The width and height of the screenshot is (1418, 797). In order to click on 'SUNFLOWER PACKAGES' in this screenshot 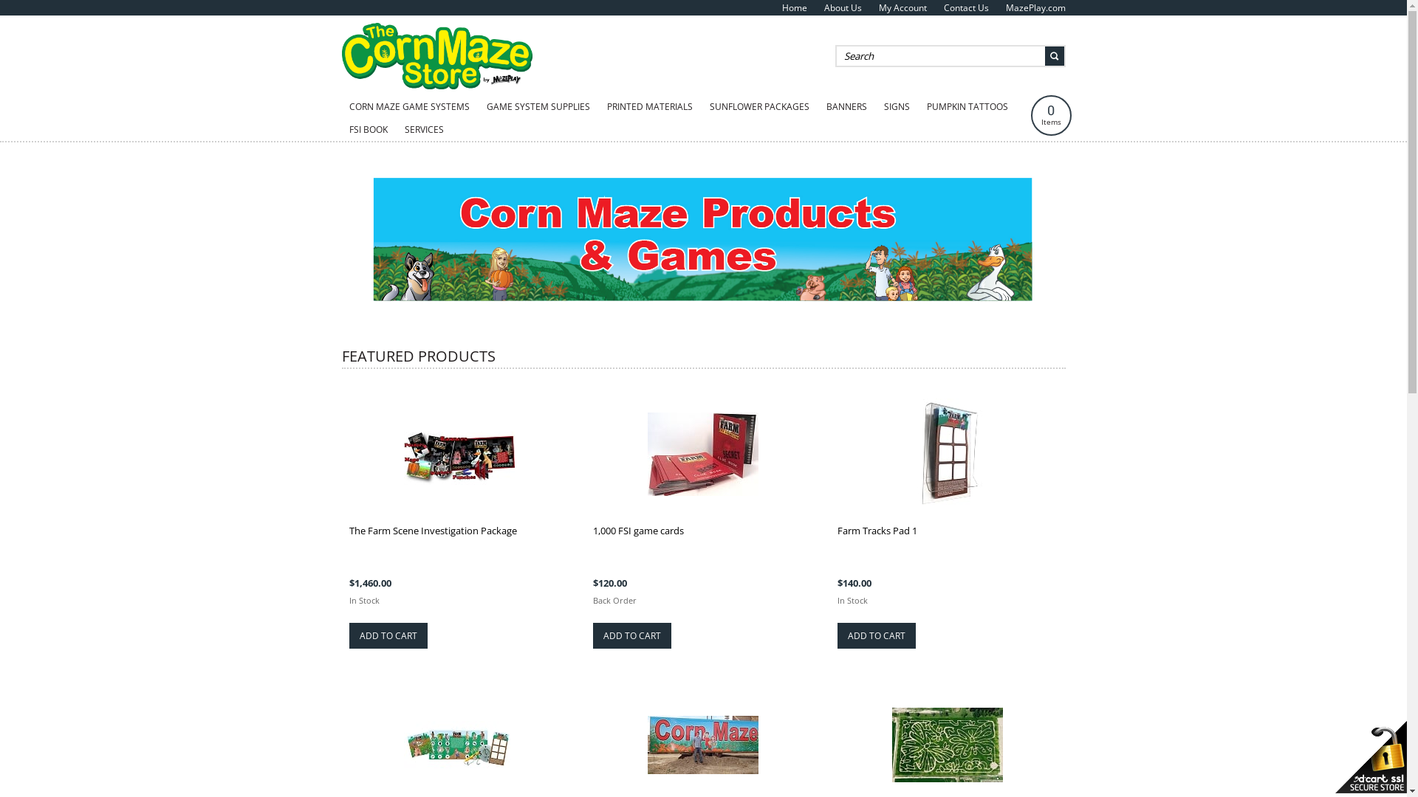, I will do `click(758, 106)`.